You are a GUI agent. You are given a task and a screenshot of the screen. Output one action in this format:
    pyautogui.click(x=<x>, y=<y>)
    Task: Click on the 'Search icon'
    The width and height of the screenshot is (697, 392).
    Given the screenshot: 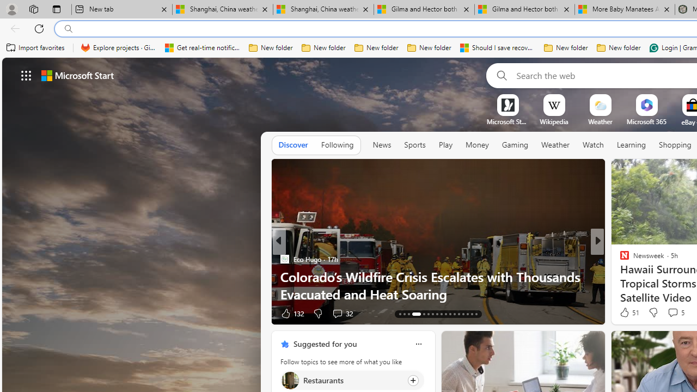 What is the action you would take?
    pyautogui.click(x=68, y=28)
    